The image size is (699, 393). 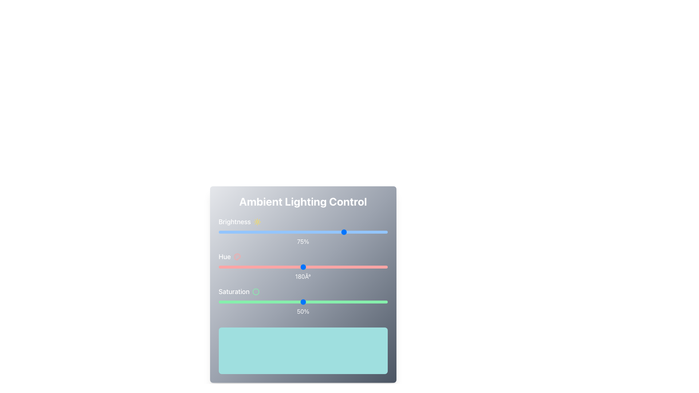 I want to click on saturation, so click(x=367, y=302).